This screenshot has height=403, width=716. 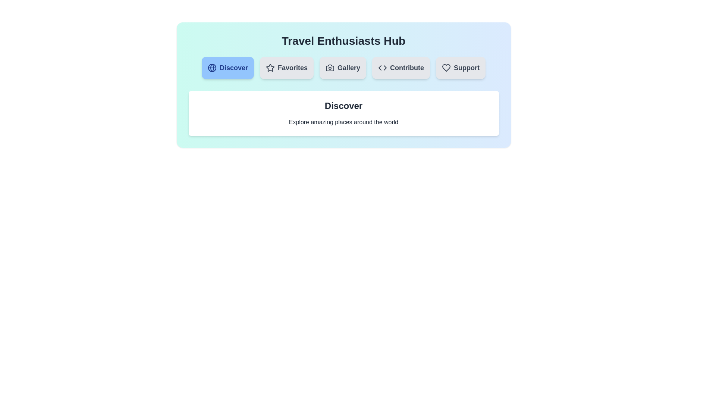 I want to click on the 'Favorites' button, which is a rectangular button with rounded corners and contains the word 'Favorites' in bold text, positioned to the right of the 'Discover' button, so click(x=286, y=68).